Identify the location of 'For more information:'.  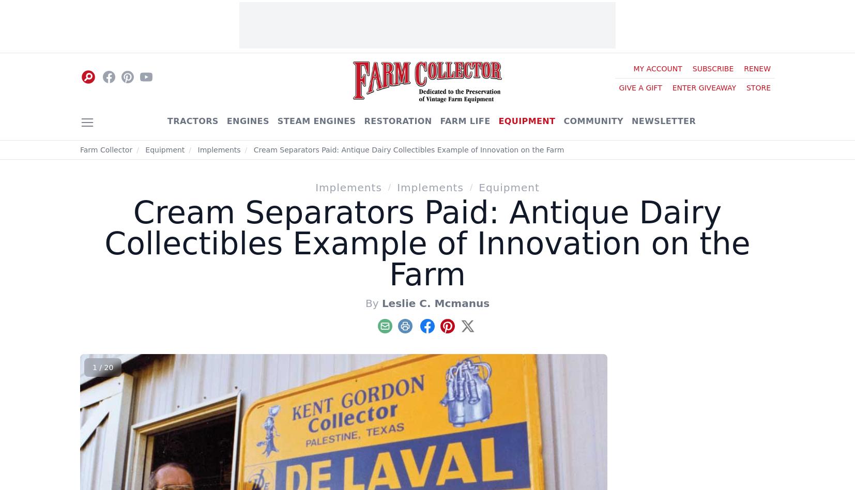
(205, 155).